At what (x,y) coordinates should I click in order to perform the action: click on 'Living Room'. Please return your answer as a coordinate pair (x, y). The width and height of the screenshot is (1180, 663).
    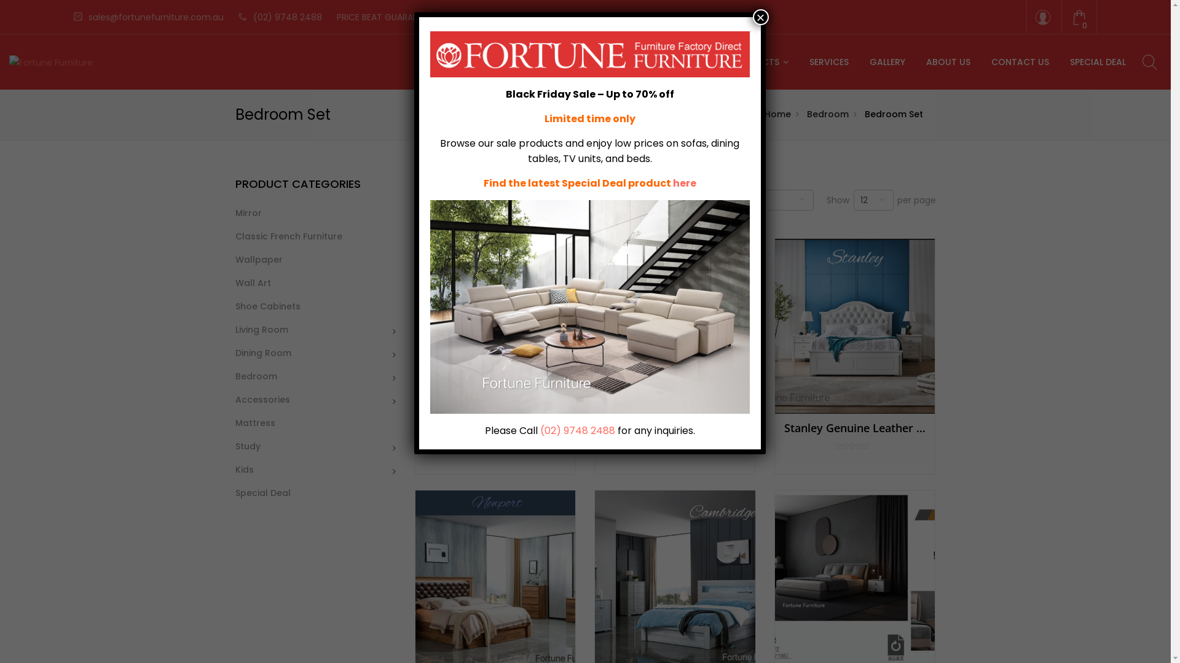
    Looking at the image, I should click on (261, 328).